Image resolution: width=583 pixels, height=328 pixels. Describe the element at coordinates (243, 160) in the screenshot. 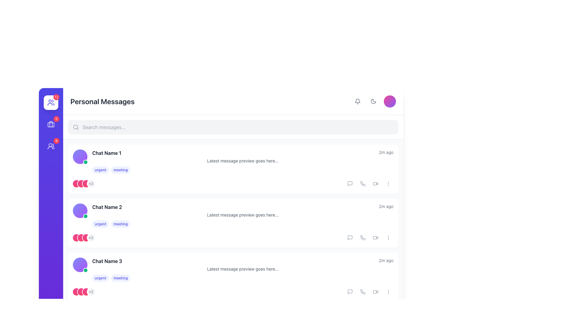

I see `the chat by clicking the Text label that serves as a preview of the latest message in the chat, located beneath the Chat Name and time information` at that location.